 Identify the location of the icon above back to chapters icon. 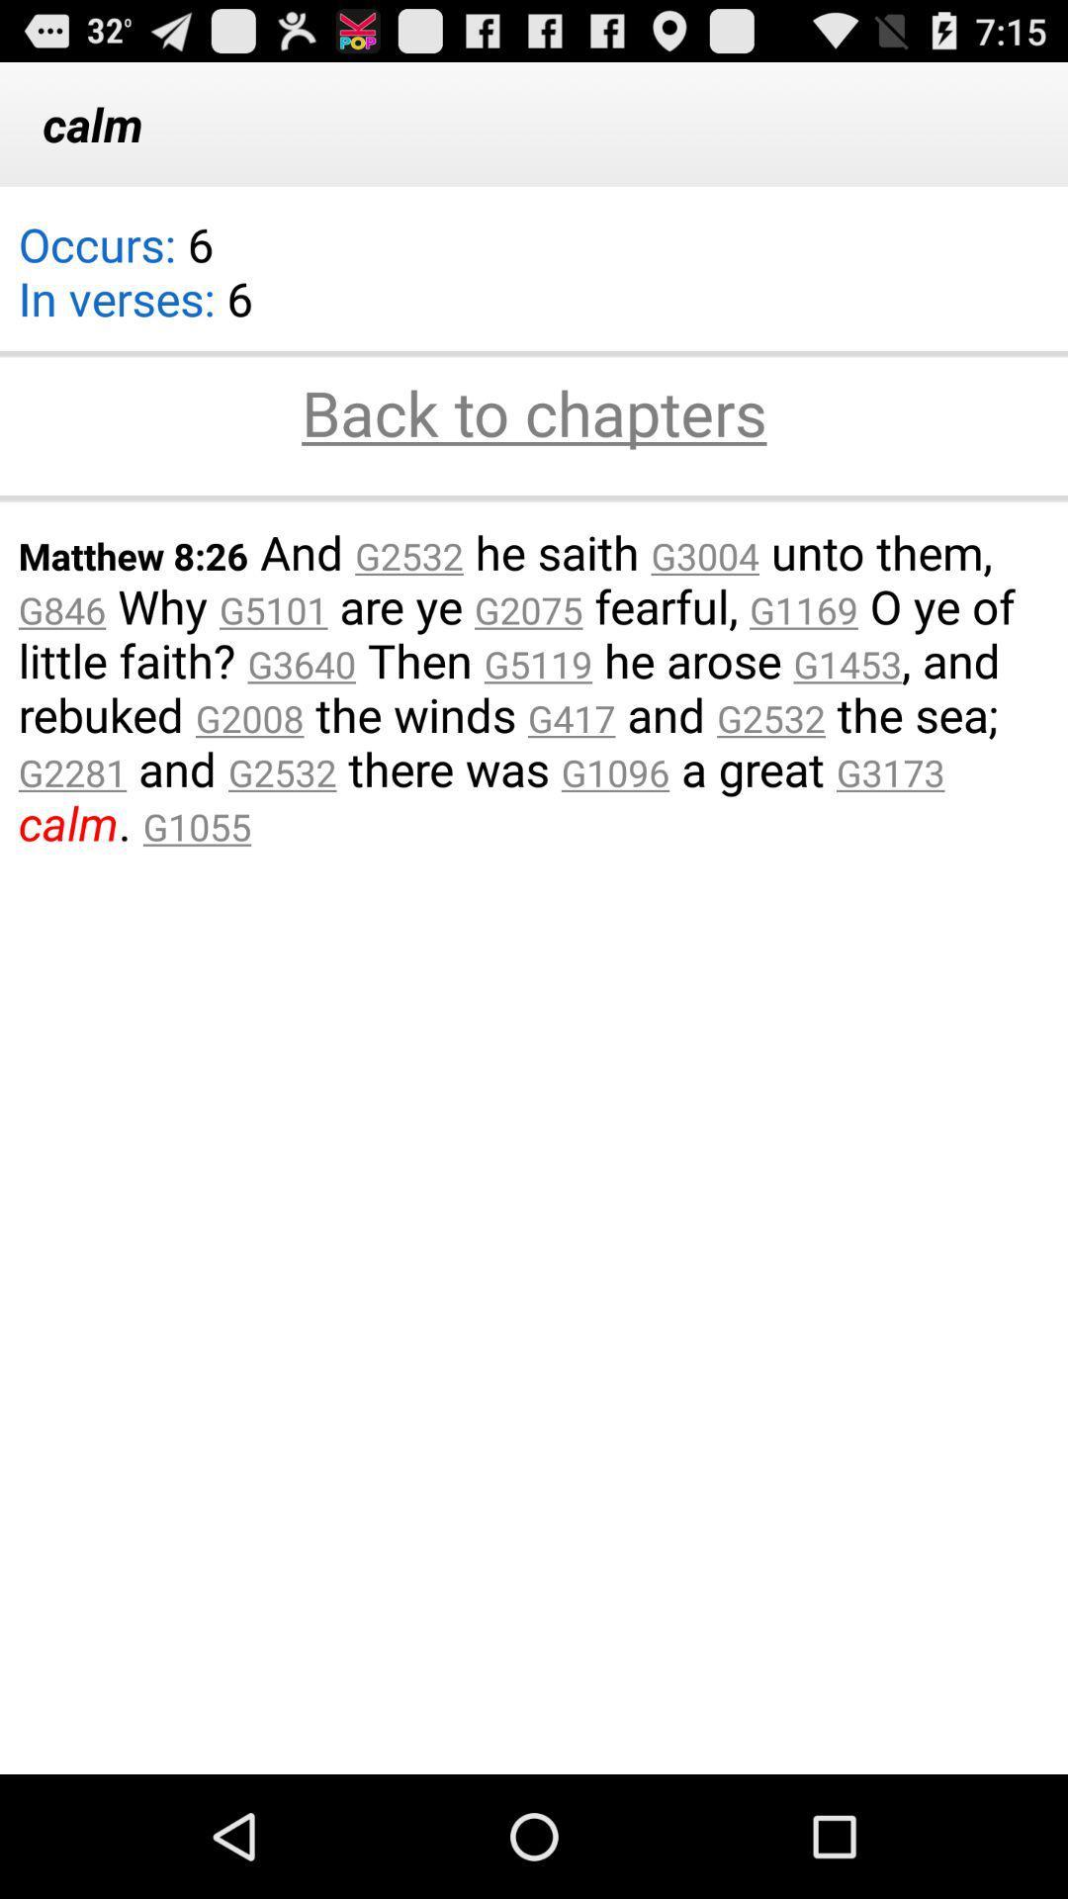
(534, 353).